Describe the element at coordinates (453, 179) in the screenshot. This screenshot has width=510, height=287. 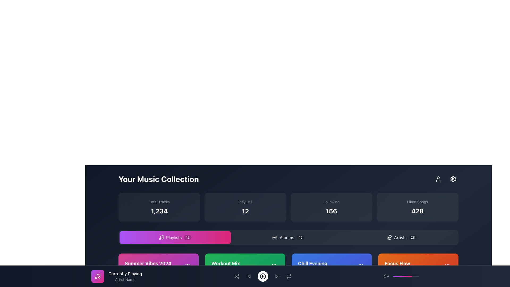
I see `the gear icon-based button located at the top-right corner of the interface` at that location.